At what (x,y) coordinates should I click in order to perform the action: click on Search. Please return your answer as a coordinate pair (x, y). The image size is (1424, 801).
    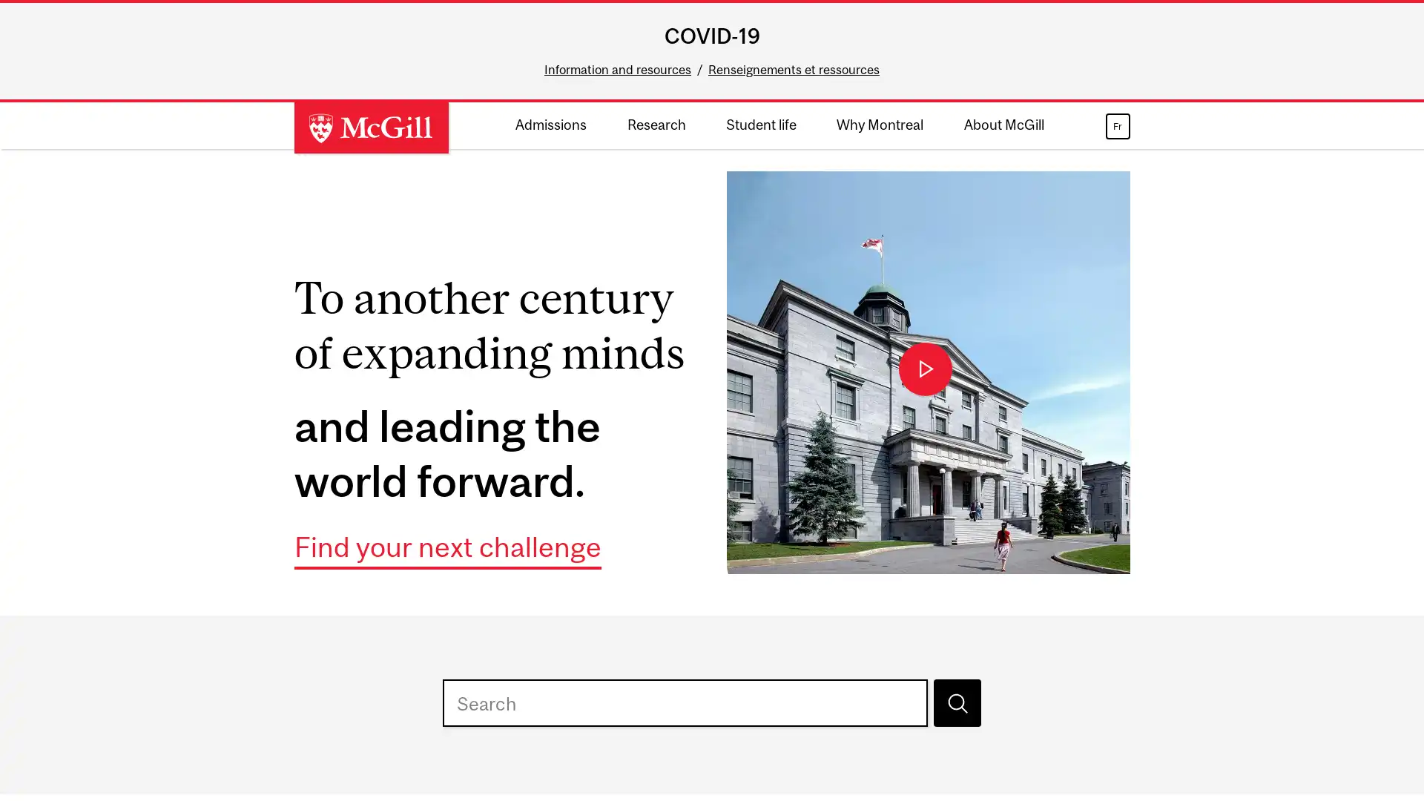
    Looking at the image, I should click on (957, 702).